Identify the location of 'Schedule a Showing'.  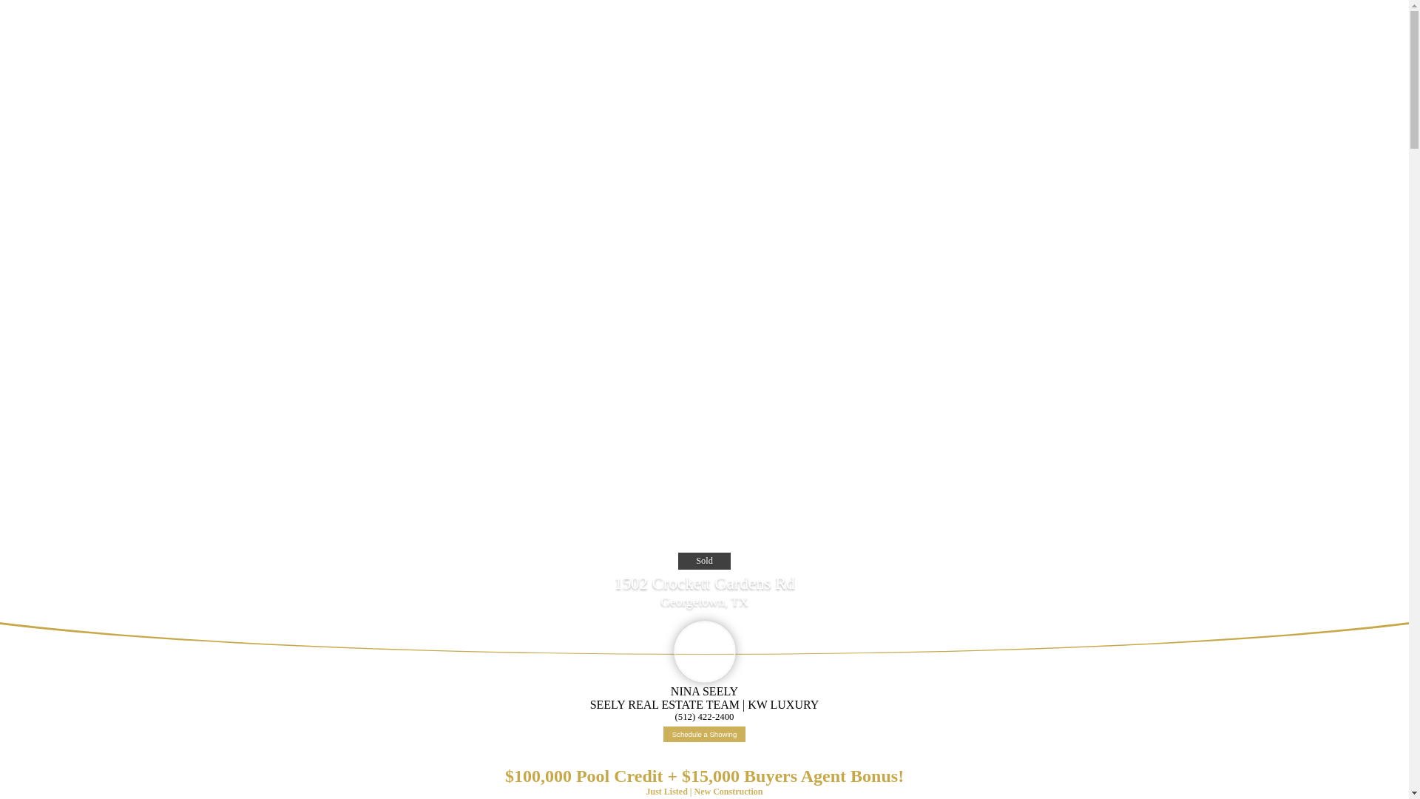
(662, 734).